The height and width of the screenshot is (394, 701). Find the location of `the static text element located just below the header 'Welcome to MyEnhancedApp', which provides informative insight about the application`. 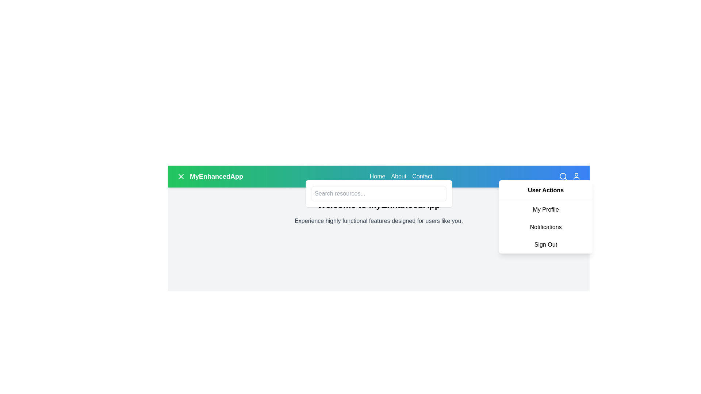

the static text element located just below the header 'Welcome to MyEnhancedApp', which provides informative insight about the application is located at coordinates (379, 220).